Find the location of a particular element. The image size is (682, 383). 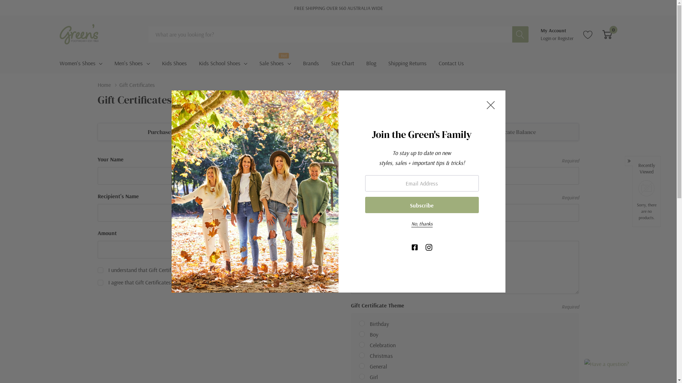

'Subscribe' is located at coordinates (422, 205).